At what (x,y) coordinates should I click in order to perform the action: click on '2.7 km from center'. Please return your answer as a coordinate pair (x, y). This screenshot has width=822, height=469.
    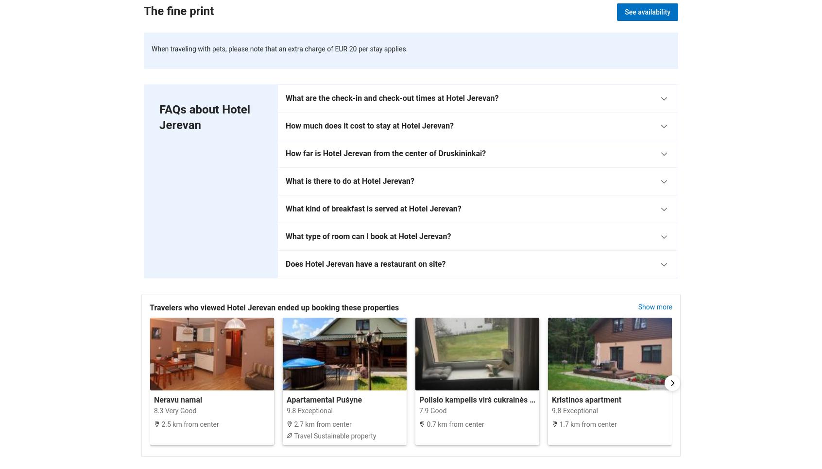
    Looking at the image, I should click on (322, 423).